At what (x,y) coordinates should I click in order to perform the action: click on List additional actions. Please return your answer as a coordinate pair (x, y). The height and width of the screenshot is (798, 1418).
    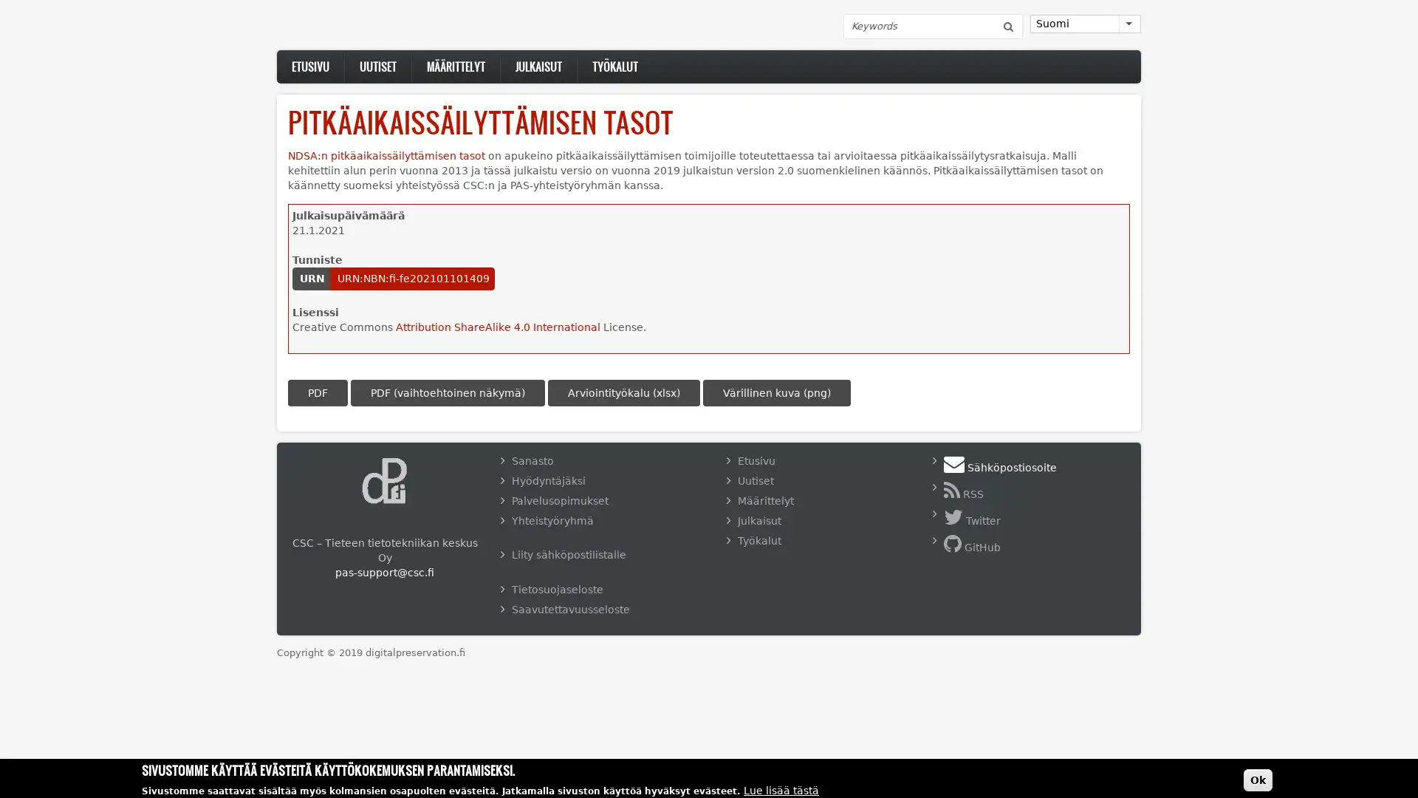
    Looking at the image, I should click on (1129, 23).